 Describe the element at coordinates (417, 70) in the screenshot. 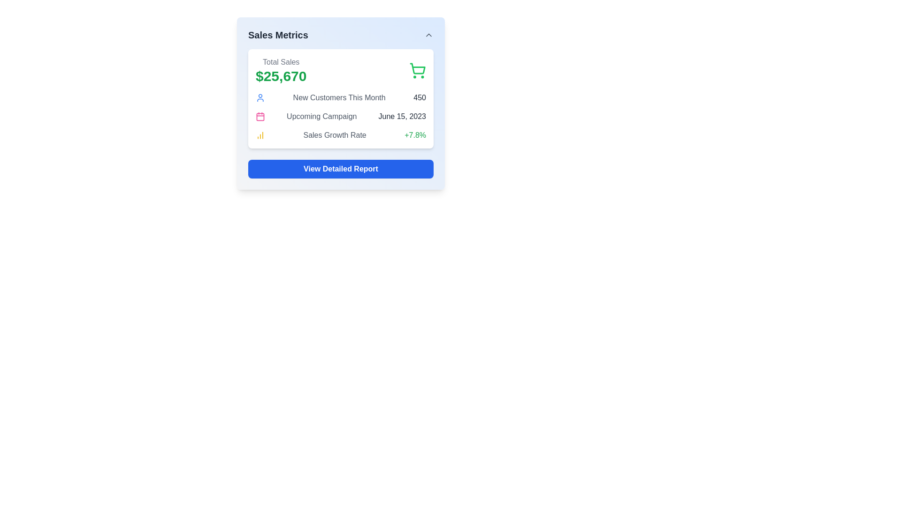

I see `the commerce or sales icon located at the top-right corner of the 'Total Sales' box` at that location.